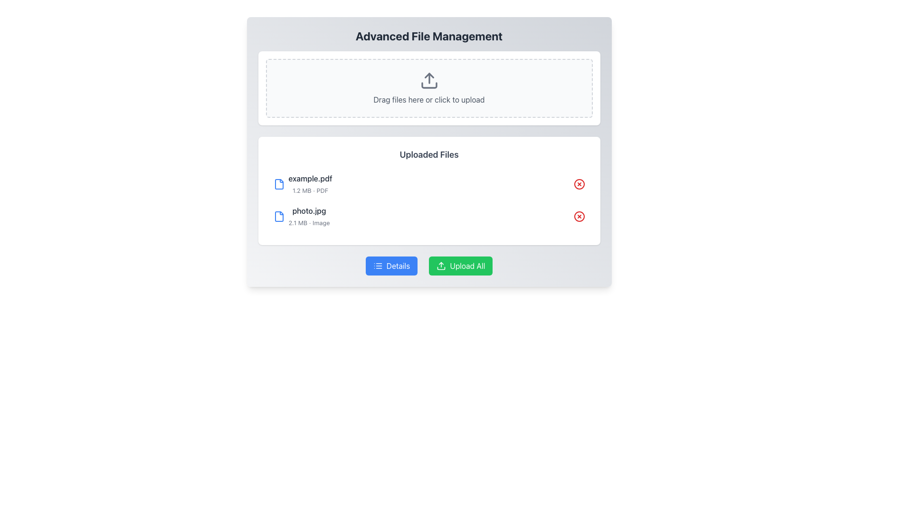  Describe the element at coordinates (278, 184) in the screenshot. I see `the file icon located to the left of the filename 'example.pdf' and its metadata` at that location.